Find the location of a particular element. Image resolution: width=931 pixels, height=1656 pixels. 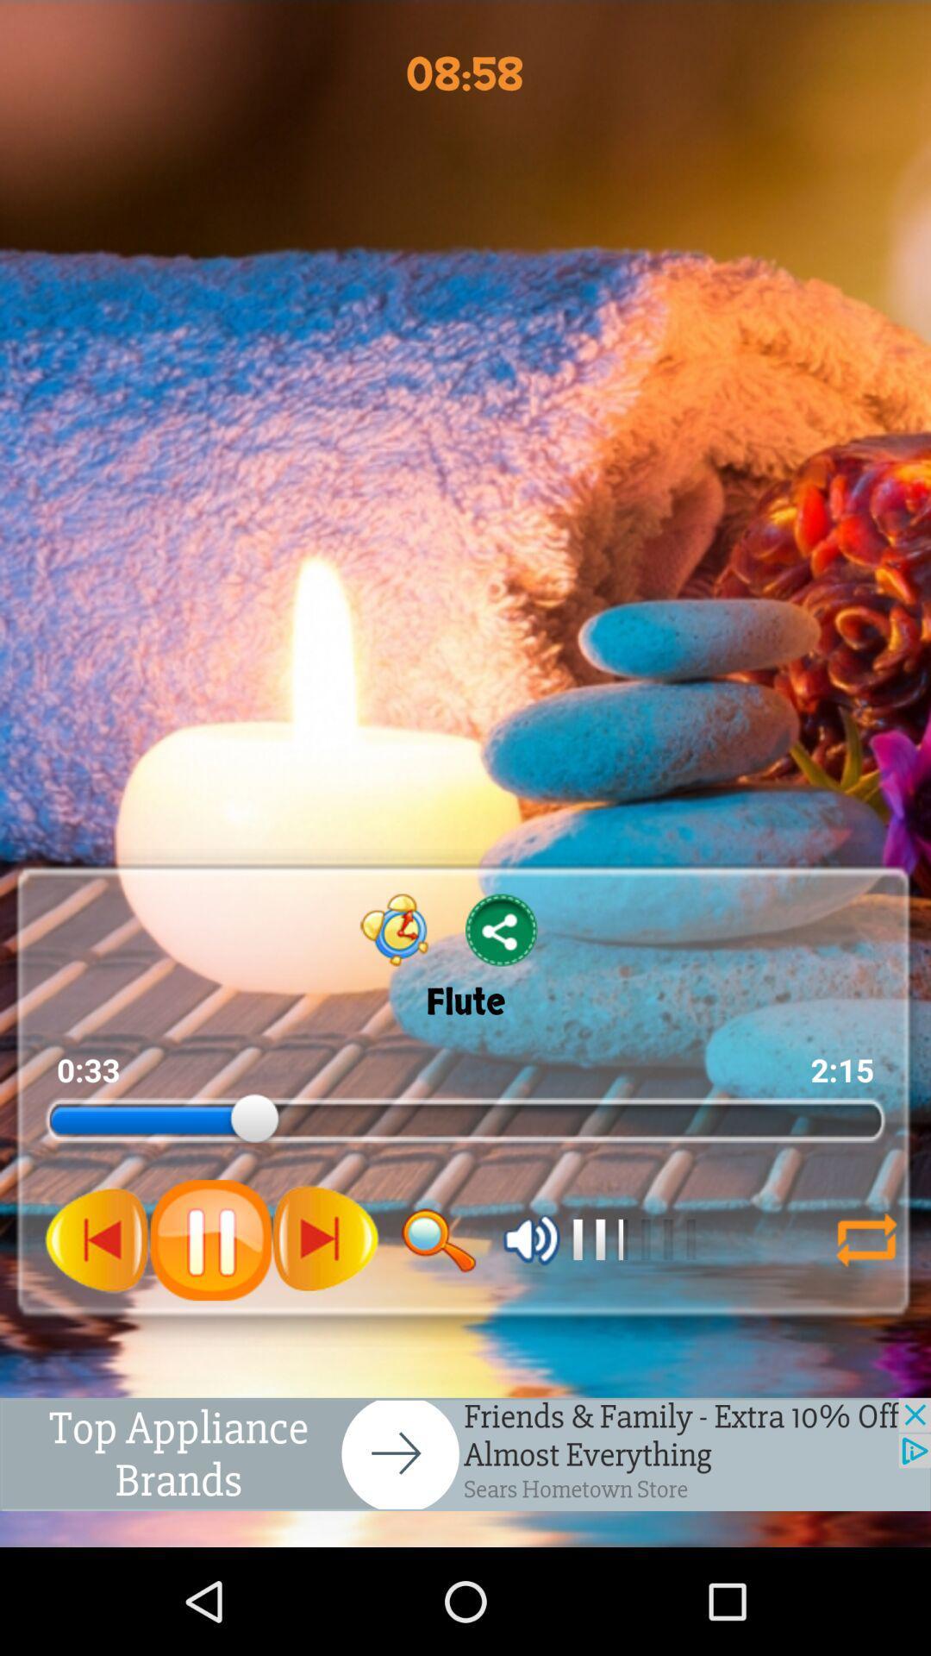

advertisement option is located at coordinates (465, 1453).